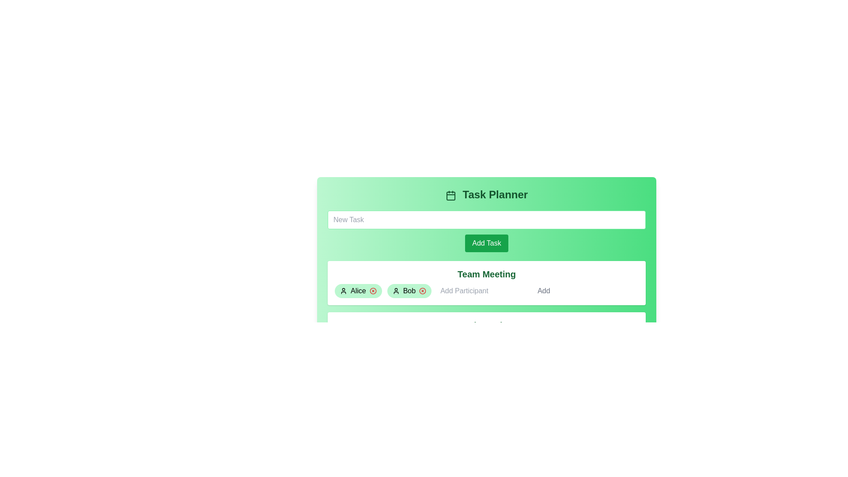 The image size is (848, 477). I want to click on the center of the text label reading 'Alice' within the tag component in the 'Team Meeting' section for interaction, so click(358, 291).